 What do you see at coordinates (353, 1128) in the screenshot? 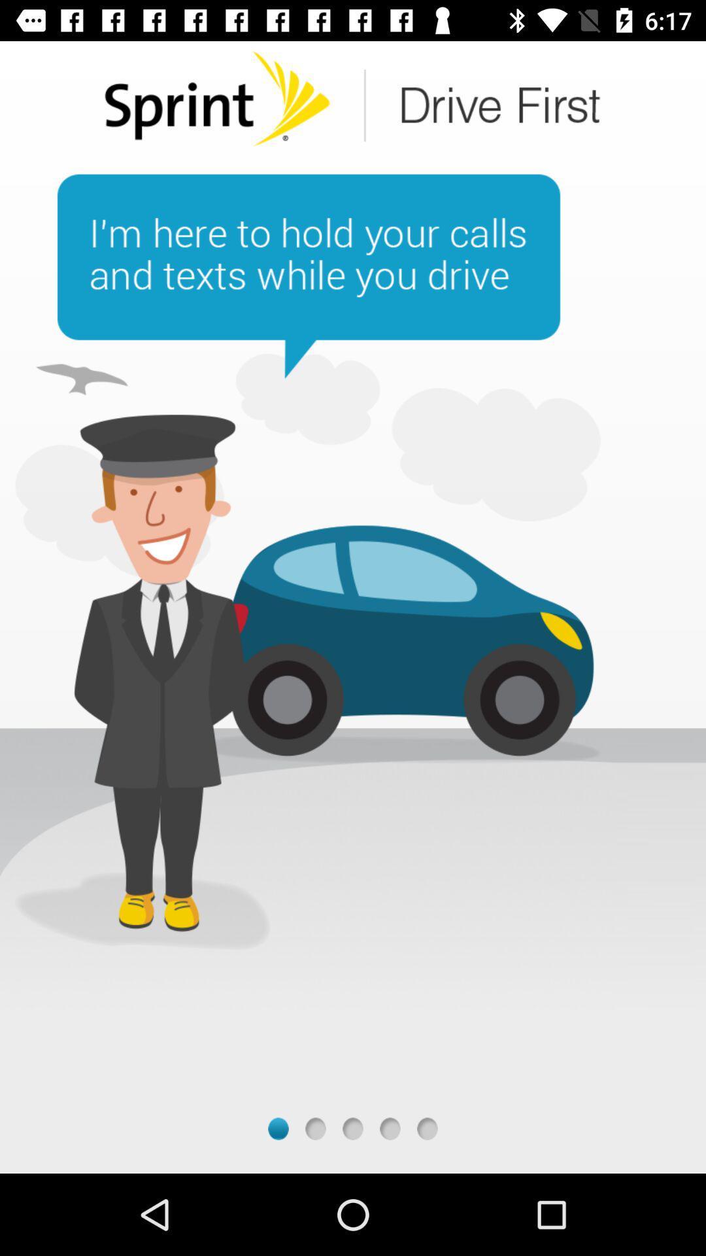
I see `third page` at bounding box center [353, 1128].